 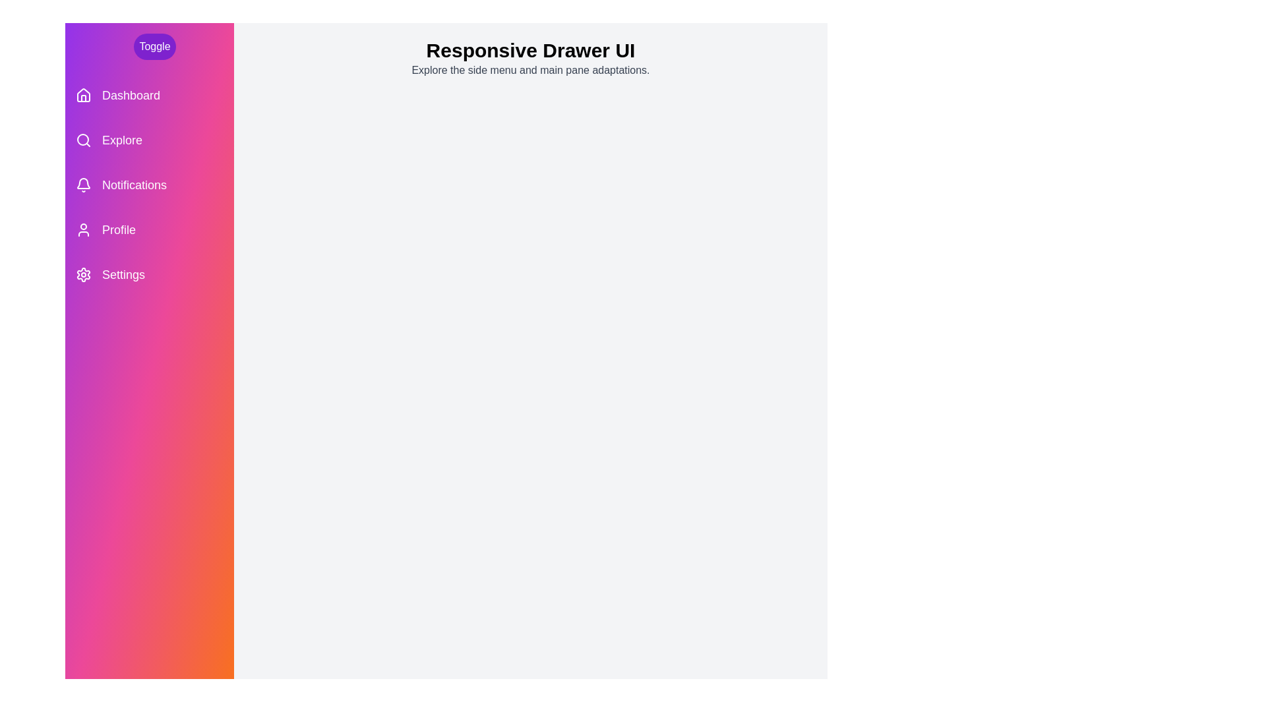 What do you see at coordinates (149, 229) in the screenshot?
I see `the menu item Profile to observe its visual feedback` at bounding box center [149, 229].